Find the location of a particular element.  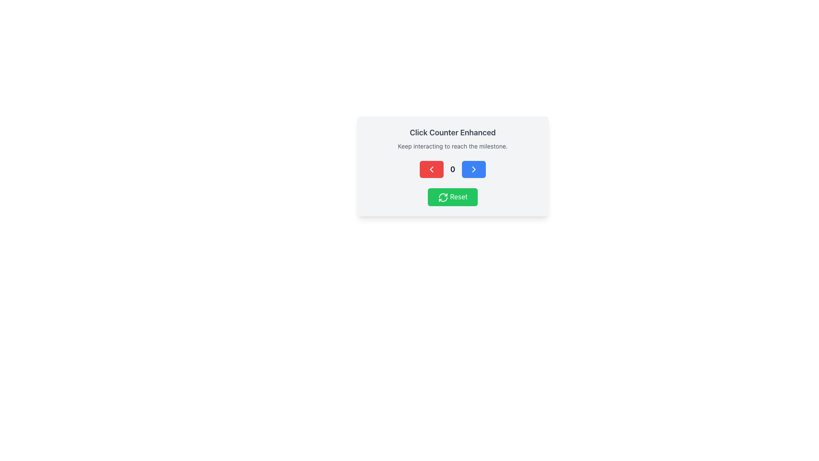

the leftward chevron icon styled within a red circular button on the counter interface is located at coordinates (431, 169).